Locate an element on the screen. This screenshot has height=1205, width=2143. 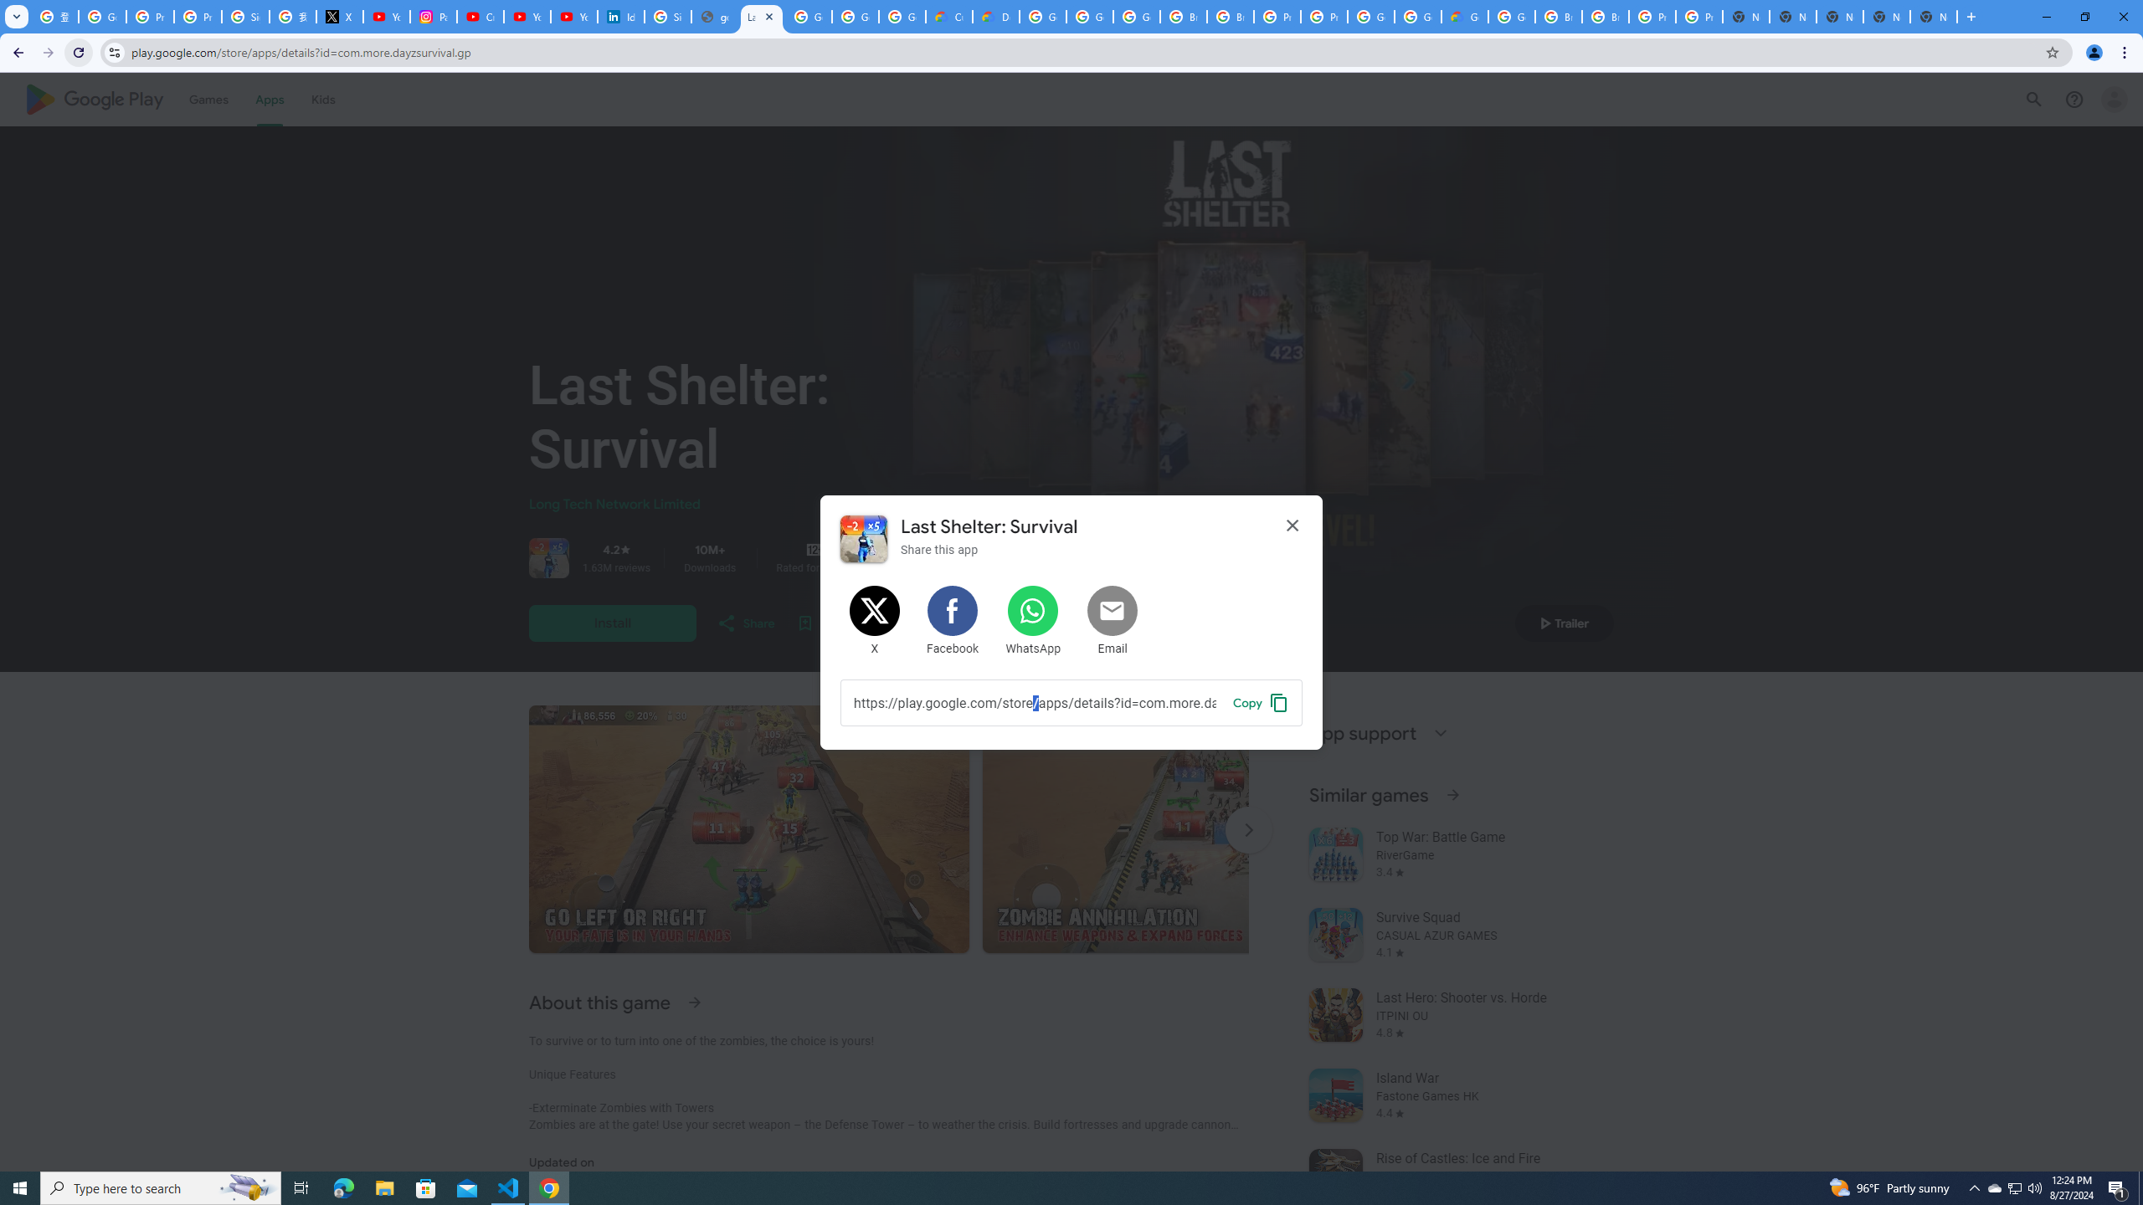
'Browse Chrome as a guest - Computer - Google Chrome Help' is located at coordinates (1230, 16).